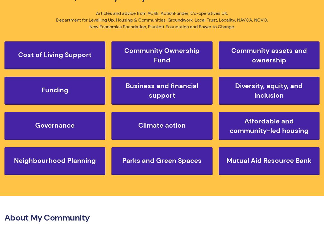 This screenshot has width=324, height=232. What do you see at coordinates (89, 27) in the screenshot?
I see `'New Economics Foundation'` at bounding box center [89, 27].